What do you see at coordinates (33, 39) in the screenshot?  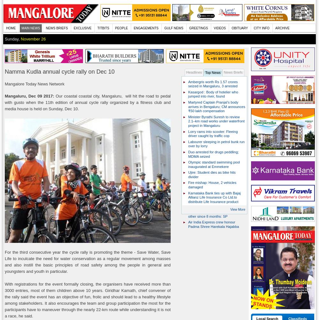 I see `'November 26'` at bounding box center [33, 39].